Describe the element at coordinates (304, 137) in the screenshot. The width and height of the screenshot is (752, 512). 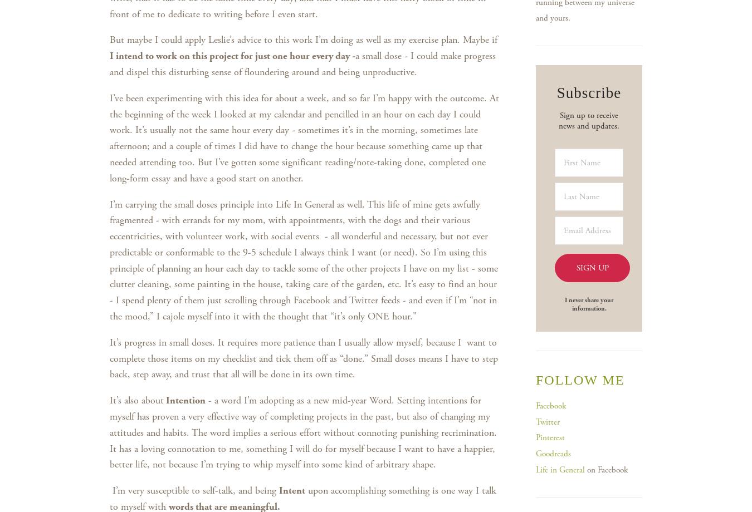
I see `'I’ve been experimenting with this idea for about a week, and so far I’m happy with the outcome. At the beginning of the week I looked at my calendar and pencilled in an hour on each day I could work. It’s usually not the same hour every day - sometimes it’s in the morning, sometimes late afternoon; and a couple of times I did have to change the hour because something came up that needed attending too. But I’ve gotten some significant reading/note-taking done, completed one long-form essay and have a good start on another.'` at that location.